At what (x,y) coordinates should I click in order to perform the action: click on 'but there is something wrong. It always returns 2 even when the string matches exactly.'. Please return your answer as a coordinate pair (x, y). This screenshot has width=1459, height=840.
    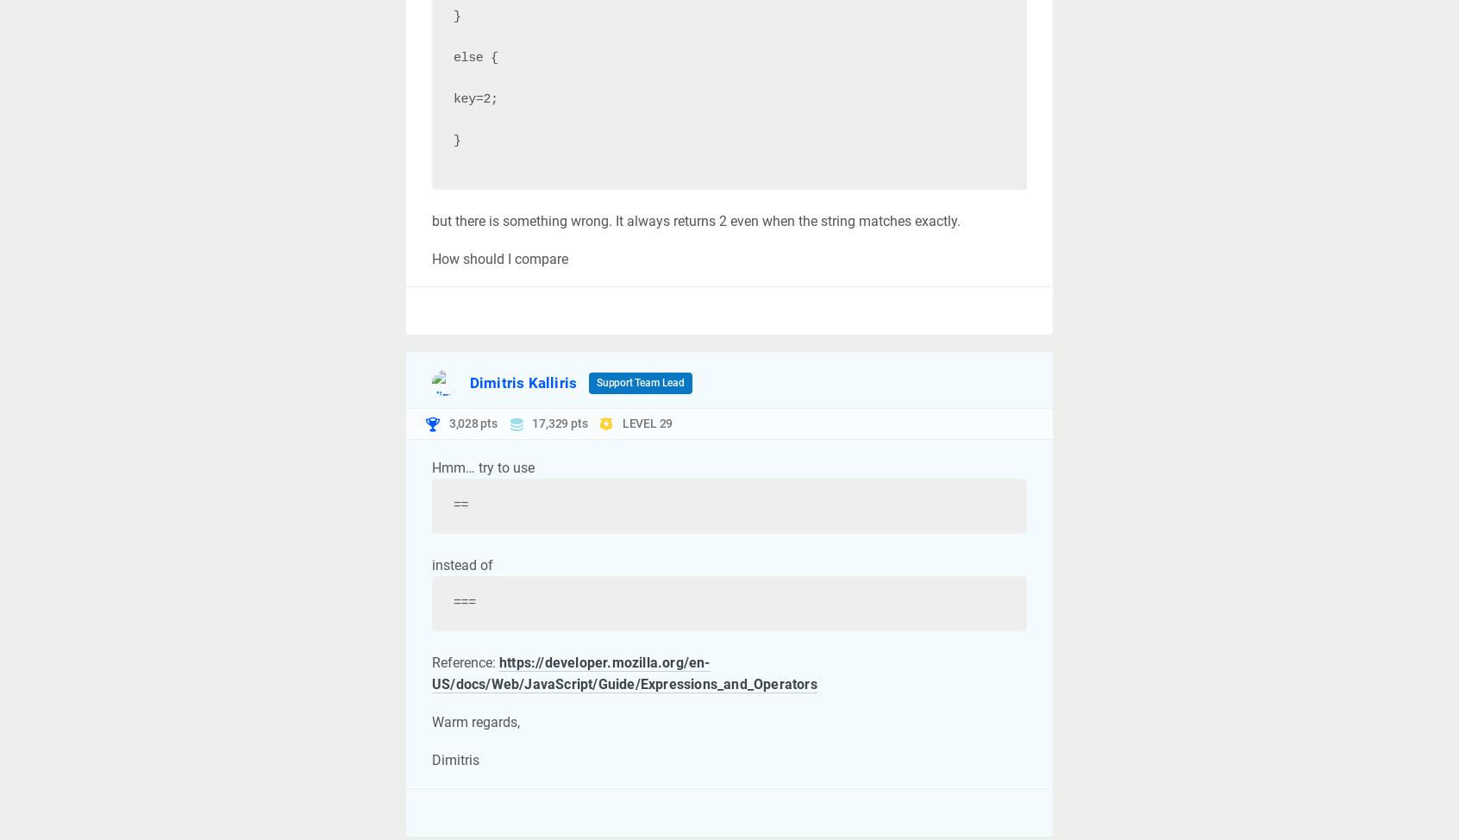
    Looking at the image, I should click on (432, 219).